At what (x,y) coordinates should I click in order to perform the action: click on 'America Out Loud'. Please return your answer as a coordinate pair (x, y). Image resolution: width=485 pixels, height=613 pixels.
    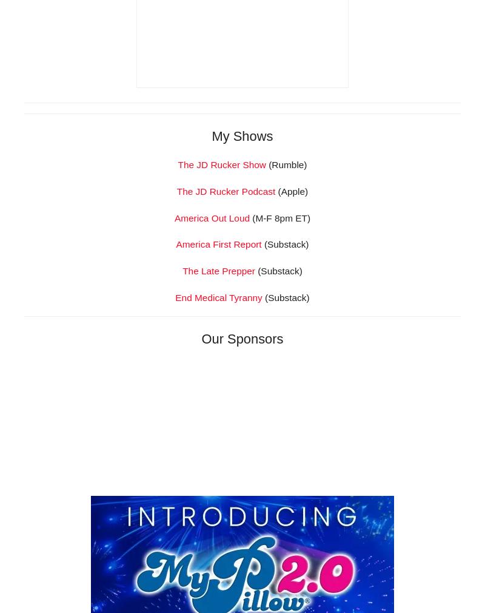
    Looking at the image, I should click on (212, 387).